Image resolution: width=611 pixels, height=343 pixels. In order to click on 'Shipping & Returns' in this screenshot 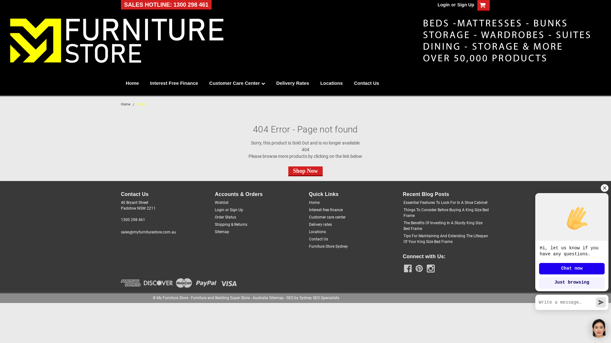, I will do `click(230, 224)`.